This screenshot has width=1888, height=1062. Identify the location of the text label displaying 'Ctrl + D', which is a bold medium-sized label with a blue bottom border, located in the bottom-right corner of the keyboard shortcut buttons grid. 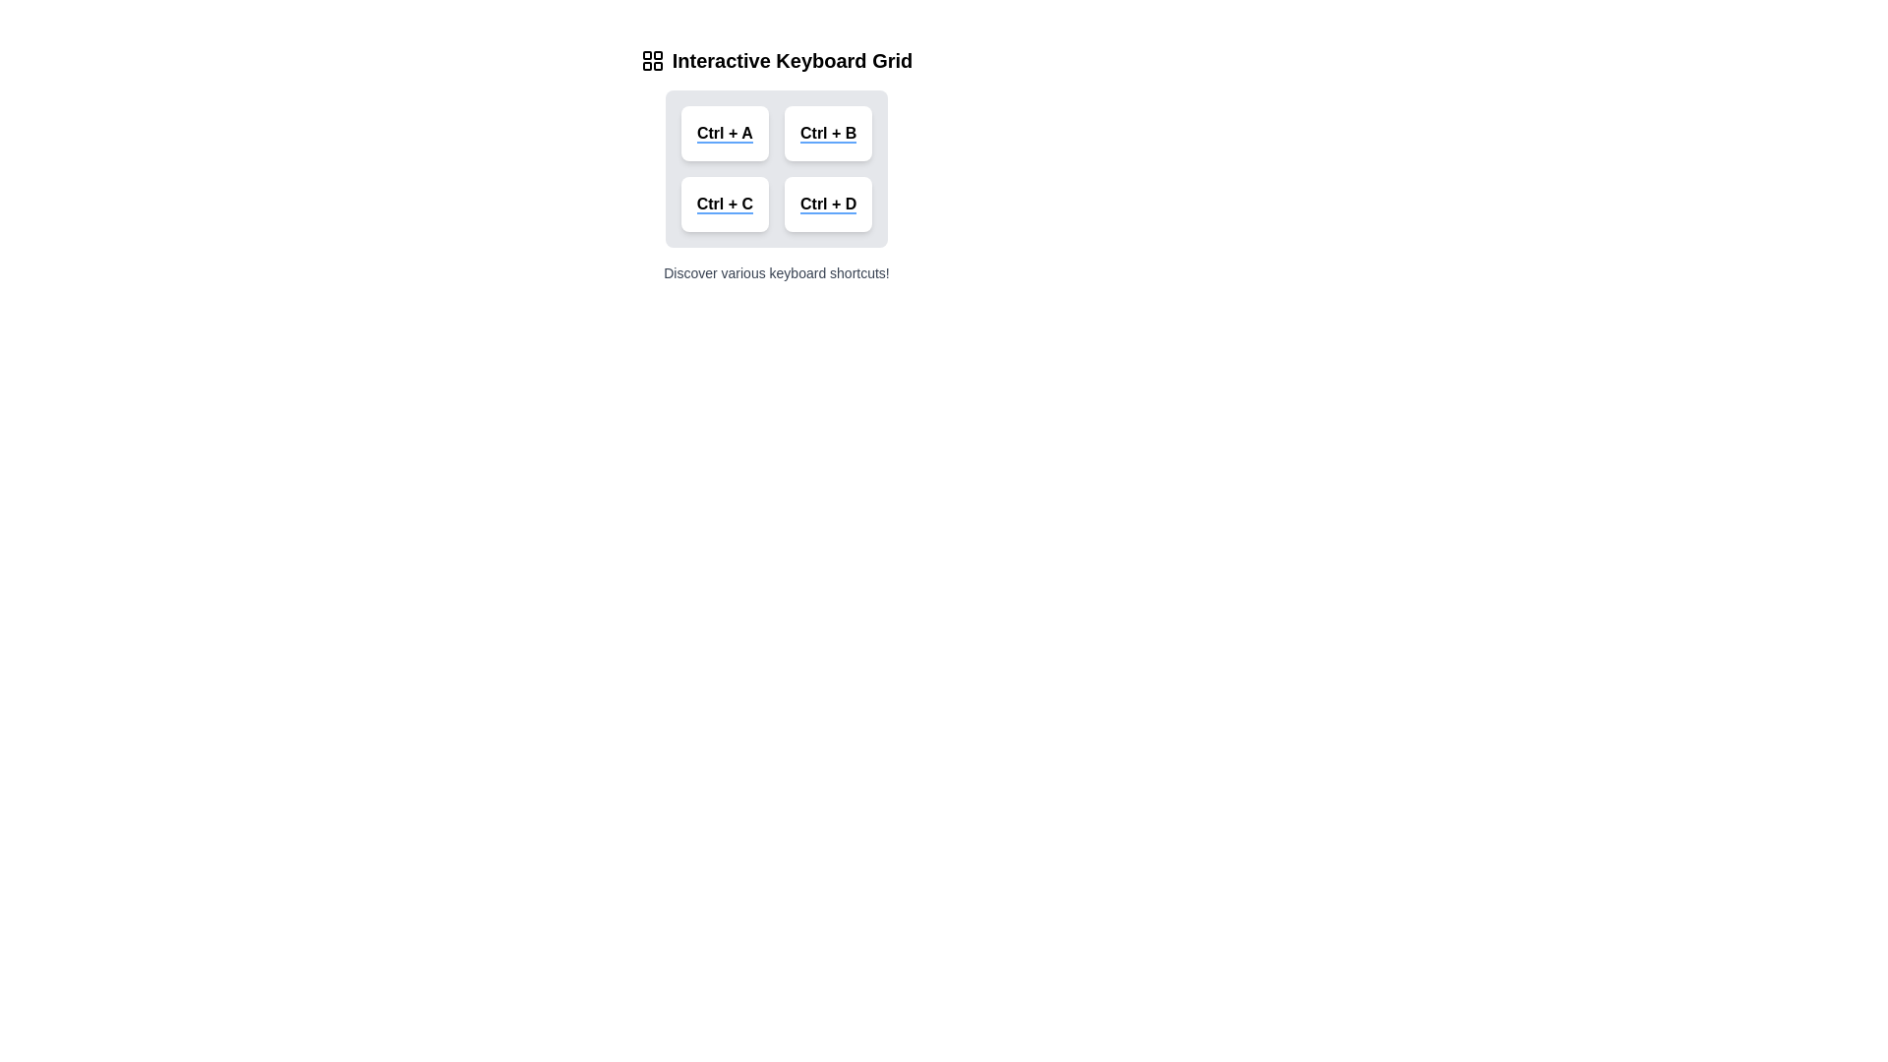
(828, 205).